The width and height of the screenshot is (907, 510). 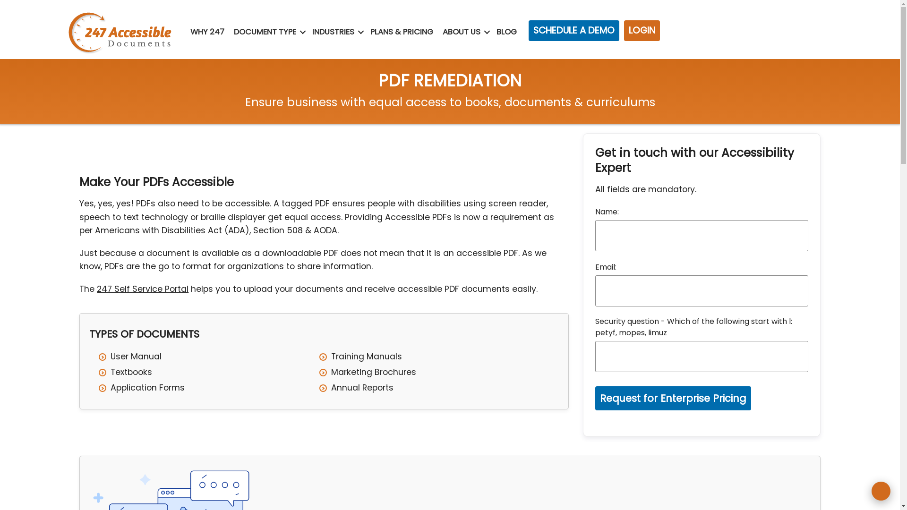 I want to click on 'INDUSTRIES', so click(x=333, y=32).